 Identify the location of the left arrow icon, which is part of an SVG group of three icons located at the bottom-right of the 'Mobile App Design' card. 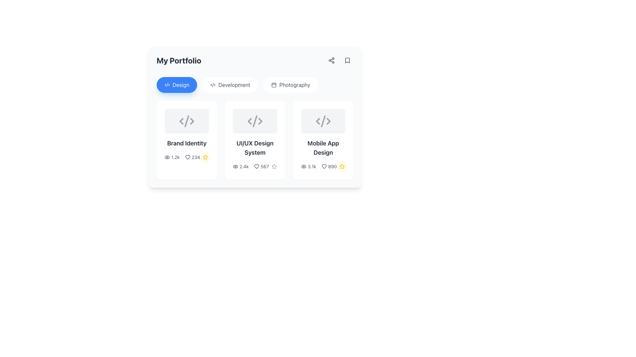
(318, 121).